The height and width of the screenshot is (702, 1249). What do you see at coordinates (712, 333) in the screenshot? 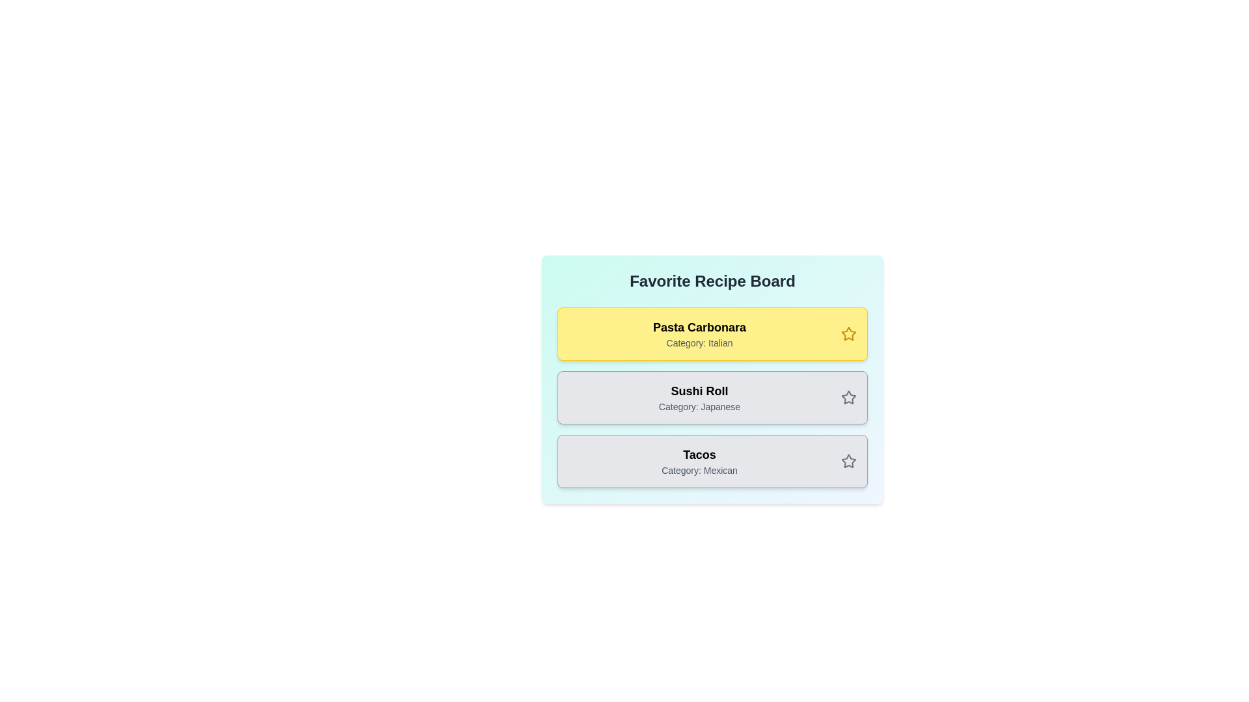
I see `the recipe card for Pasta Carbonara` at bounding box center [712, 333].